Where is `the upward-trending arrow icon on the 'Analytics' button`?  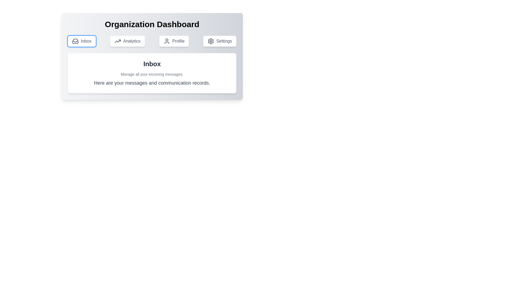
the upward-trending arrow icon on the 'Analytics' button is located at coordinates (117, 41).